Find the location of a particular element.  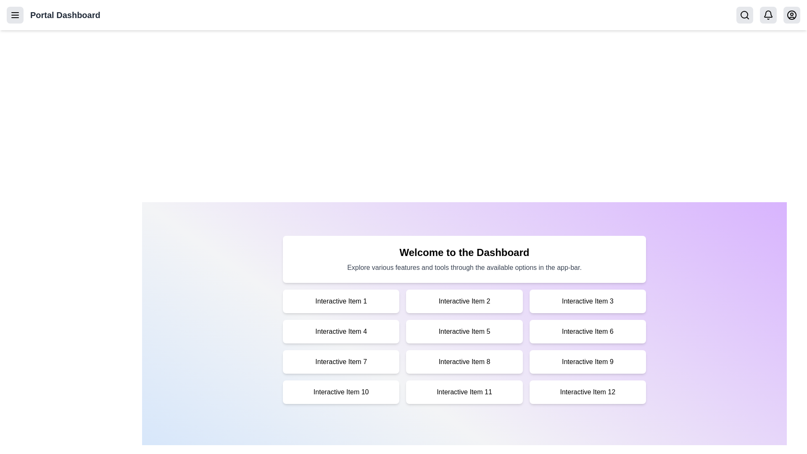

the user profile icon in the app bar is located at coordinates (791, 15).